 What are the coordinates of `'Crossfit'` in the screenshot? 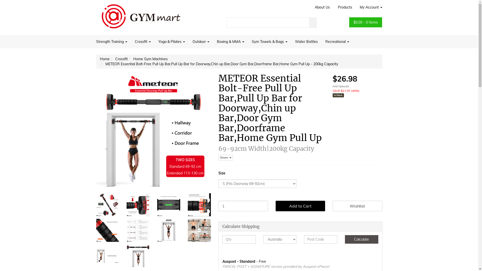 It's located at (143, 41).